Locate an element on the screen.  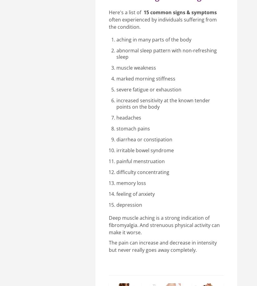
'diarrhea or constipation' is located at coordinates (144, 139).